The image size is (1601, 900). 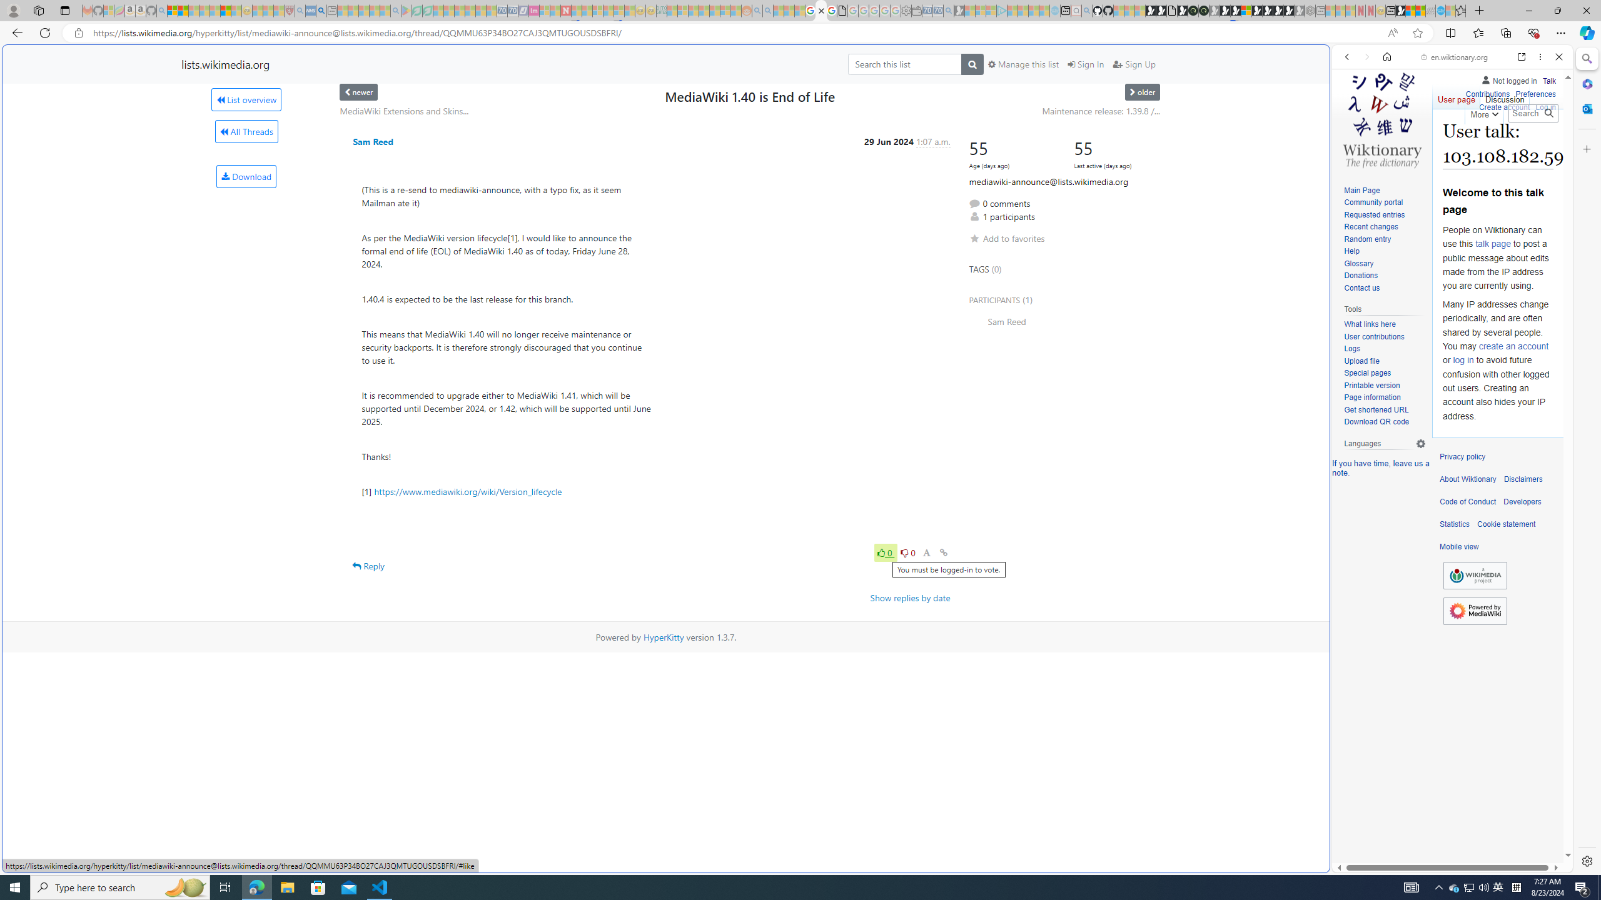 What do you see at coordinates (1453, 524) in the screenshot?
I see `'Statistics'` at bounding box center [1453, 524].